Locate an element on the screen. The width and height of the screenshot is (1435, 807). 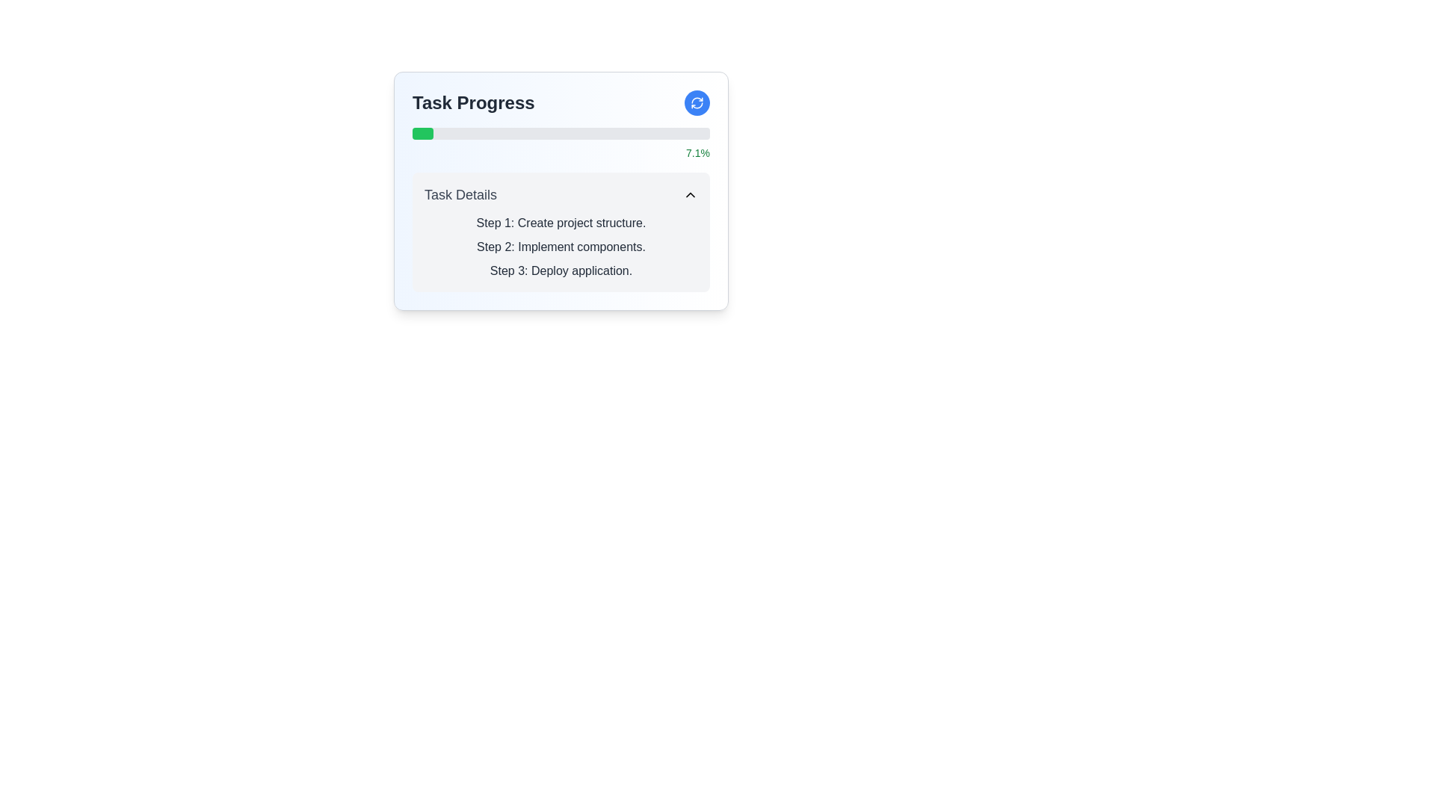
the circular refresh button with a blue background and white arrows located at the top-right corner of the 'Task Progress' card is located at coordinates (696, 102).